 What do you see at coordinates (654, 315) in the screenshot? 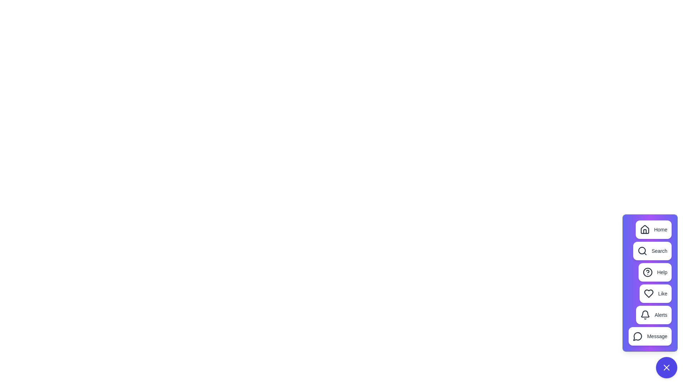
I see `the 'Alerts' button in the speed dial menu` at bounding box center [654, 315].